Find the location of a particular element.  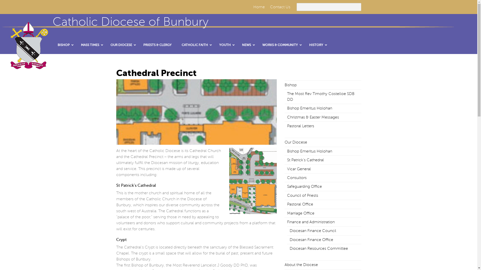

'Christmas & Easter Messages' is located at coordinates (313, 117).